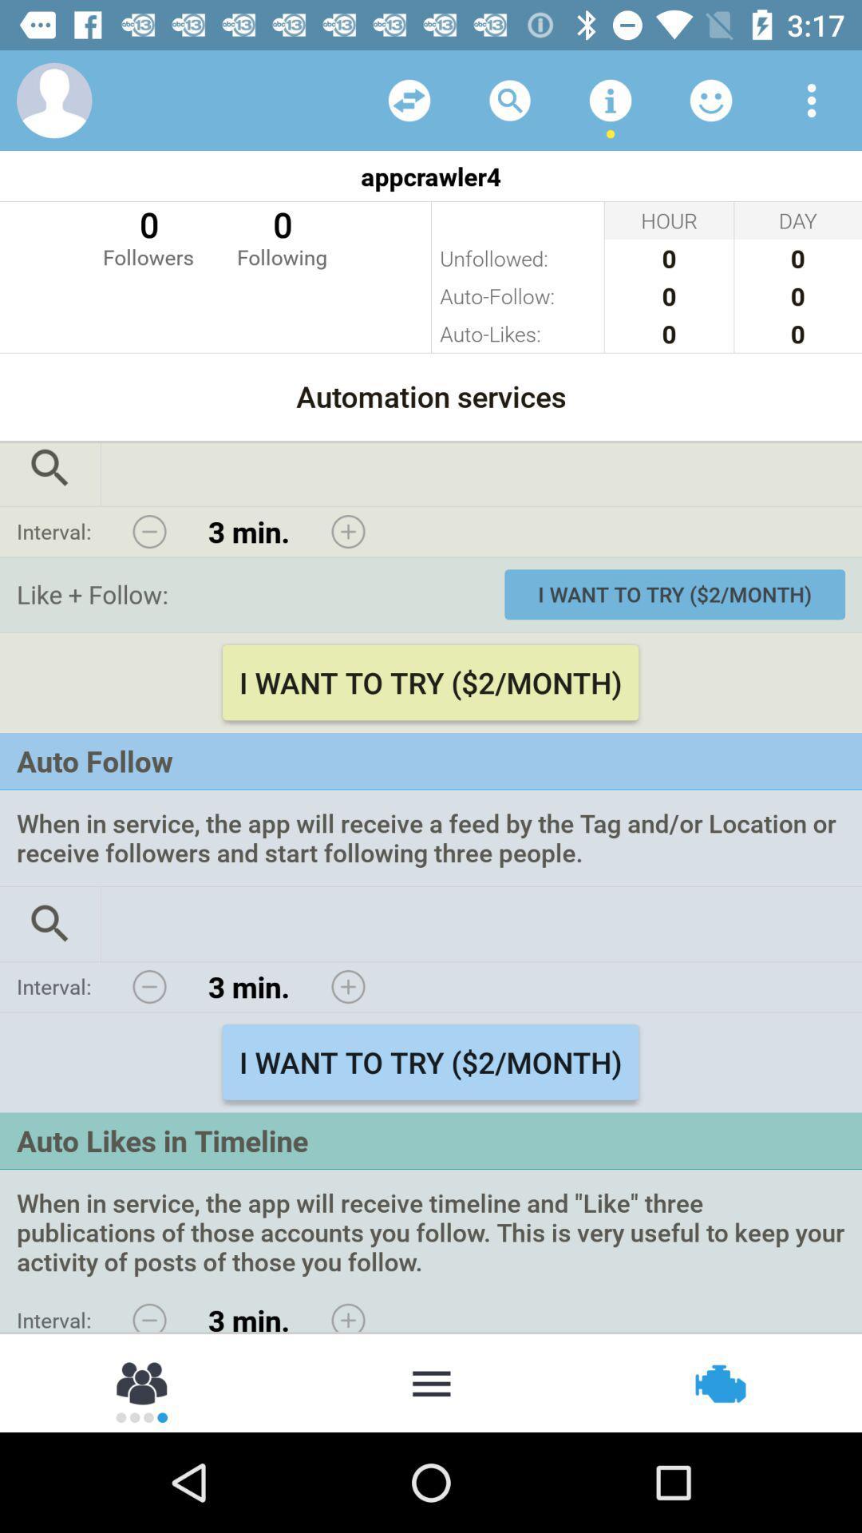 The width and height of the screenshot is (862, 1533). What do you see at coordinates (710, 99) in the screenshot?
I see `rate the application or provide feedback` at bounding box center [710, 99].